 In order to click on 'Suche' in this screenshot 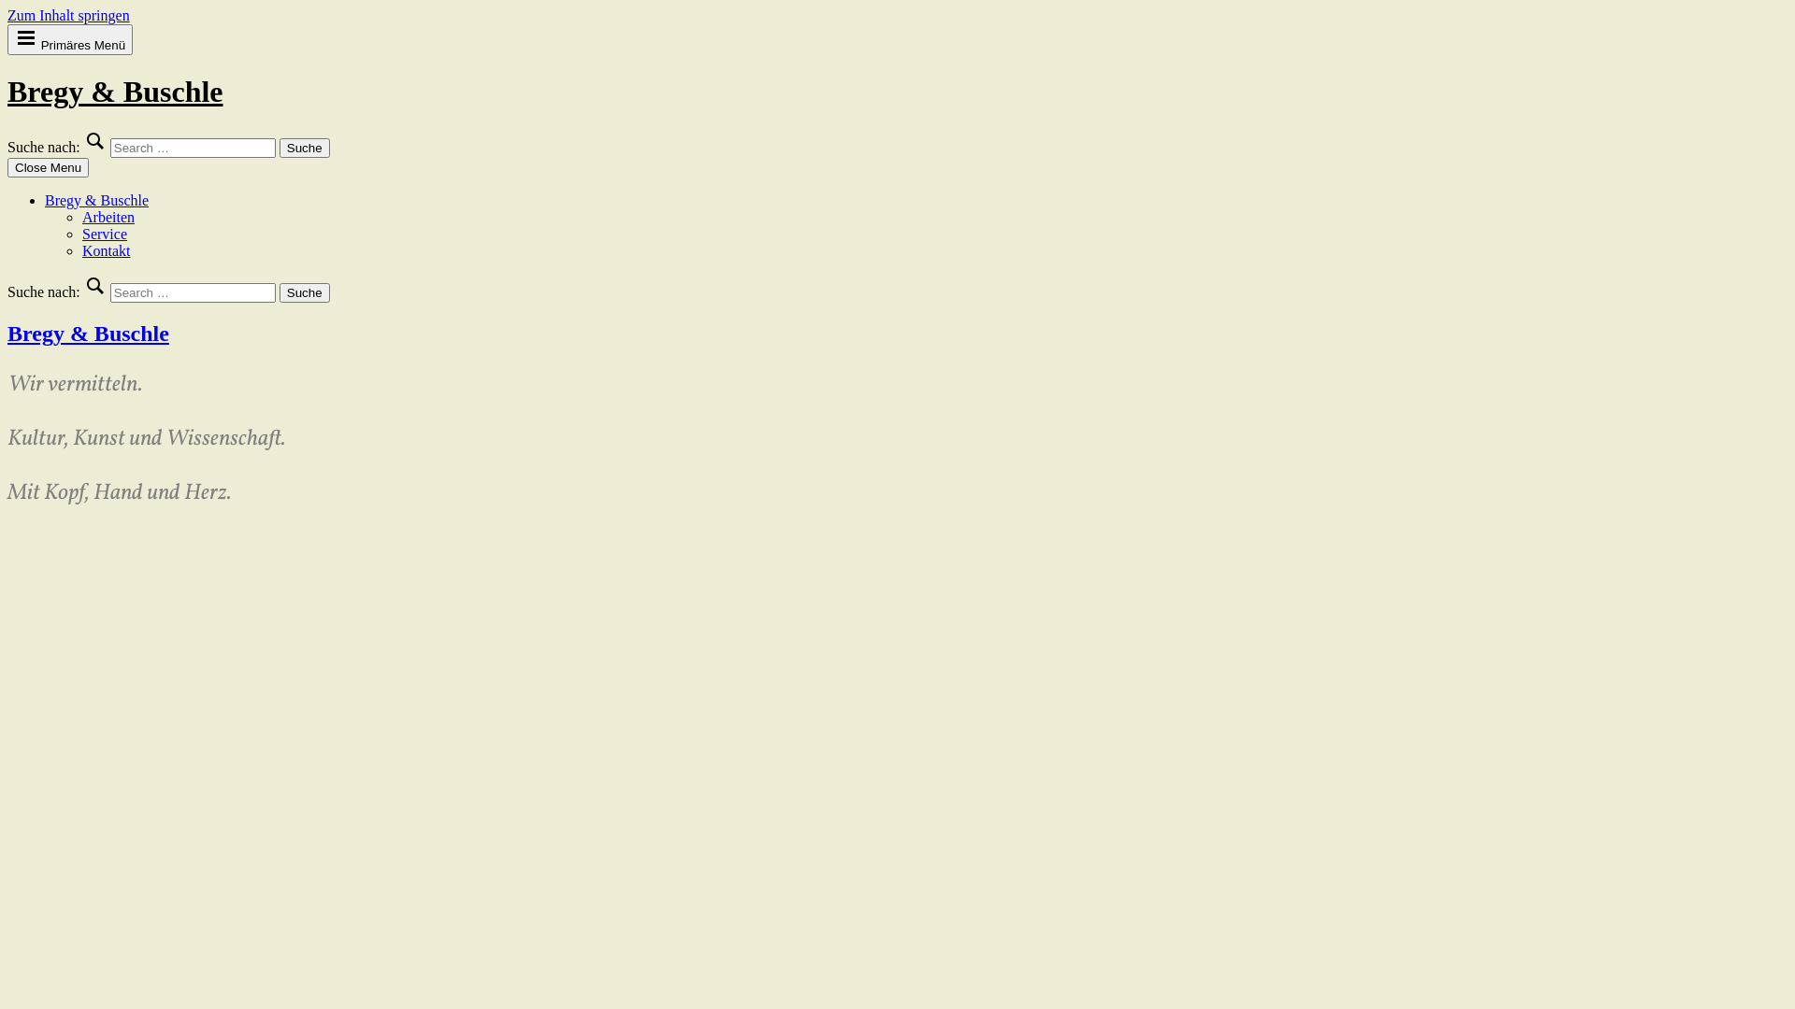, I will do `click(278, 147)`.